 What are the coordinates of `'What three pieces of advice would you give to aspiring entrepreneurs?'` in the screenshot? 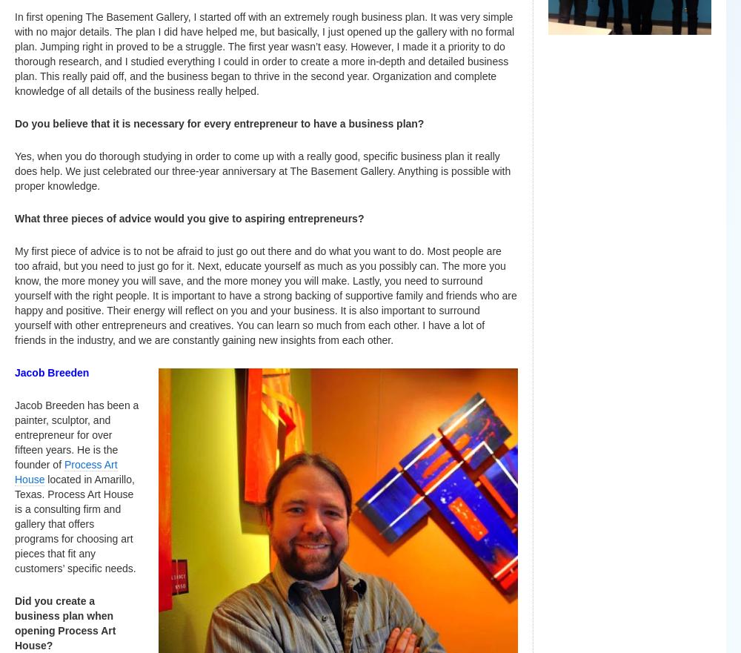 It's located at (189, 217).